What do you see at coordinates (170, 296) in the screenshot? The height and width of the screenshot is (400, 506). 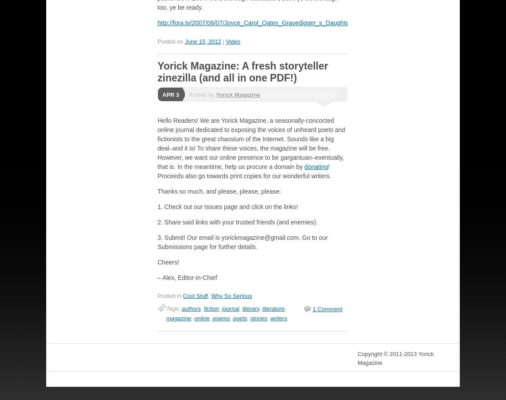 I see `'Posted in'` at bounding box center [170, 296].